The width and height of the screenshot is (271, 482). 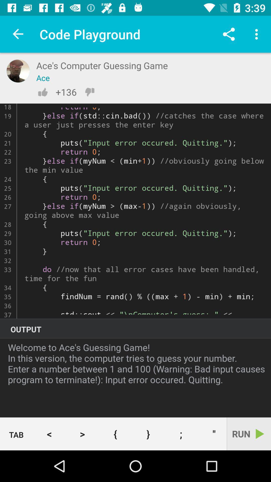 What do you see at coordinates (181, 434) in the screenshot?
I see `the item to the right of }` at bounding box center [181, 434].